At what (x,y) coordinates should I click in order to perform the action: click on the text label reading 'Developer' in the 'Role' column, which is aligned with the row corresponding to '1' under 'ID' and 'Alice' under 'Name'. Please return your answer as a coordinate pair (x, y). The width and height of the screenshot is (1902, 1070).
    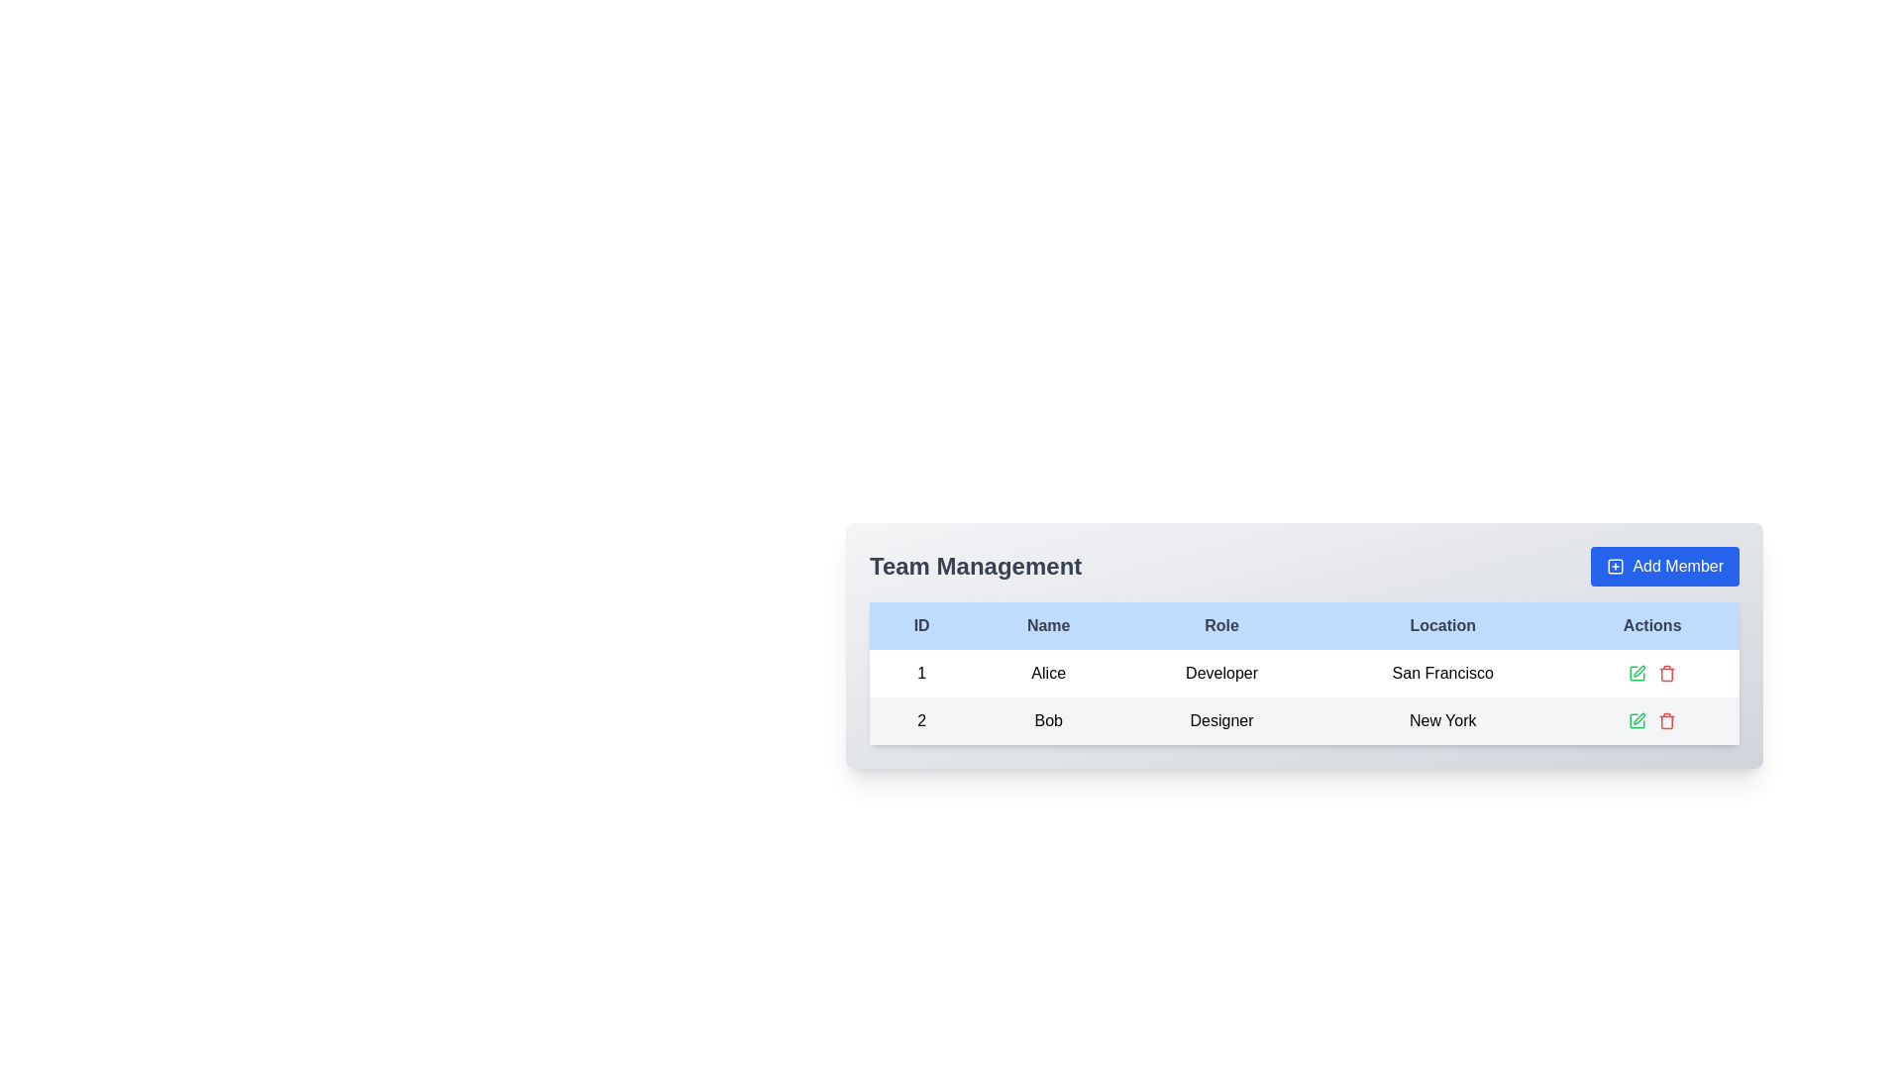
    Looking at the image, I should click on (1220, 672).